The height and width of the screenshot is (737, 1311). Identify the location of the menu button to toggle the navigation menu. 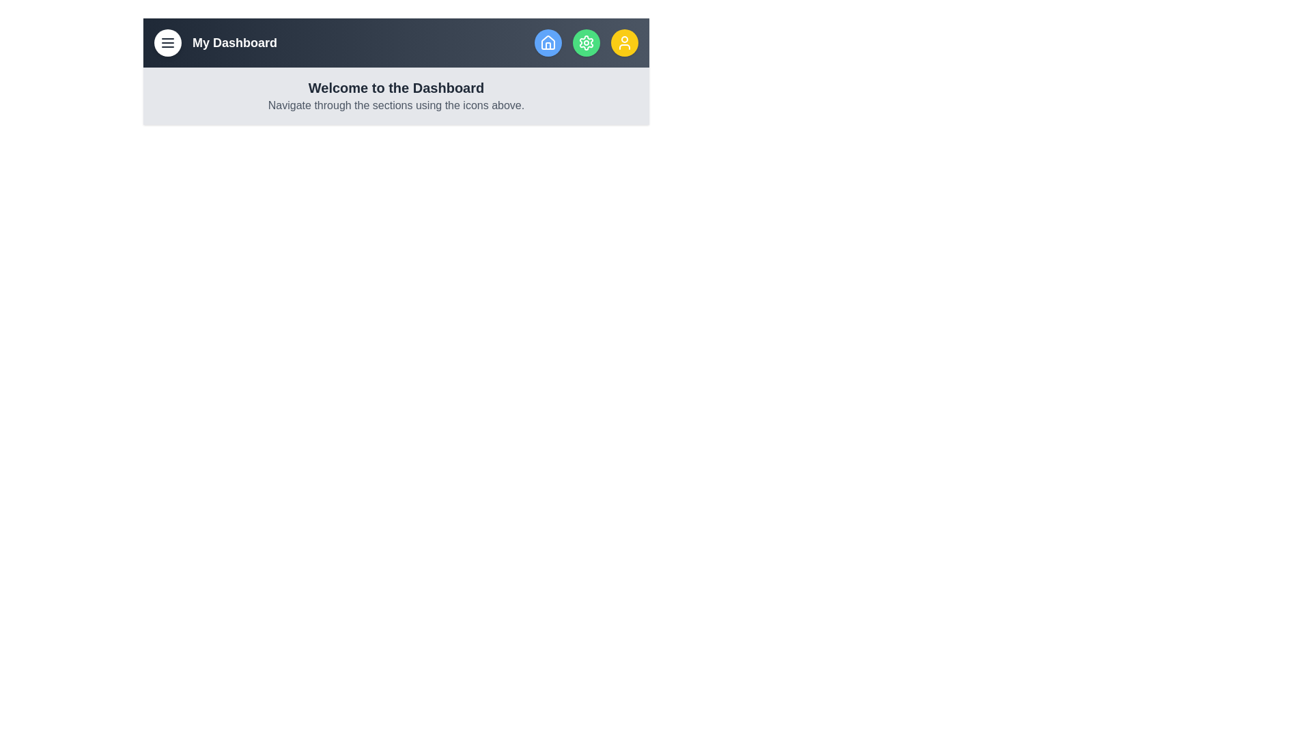
(167, 42).